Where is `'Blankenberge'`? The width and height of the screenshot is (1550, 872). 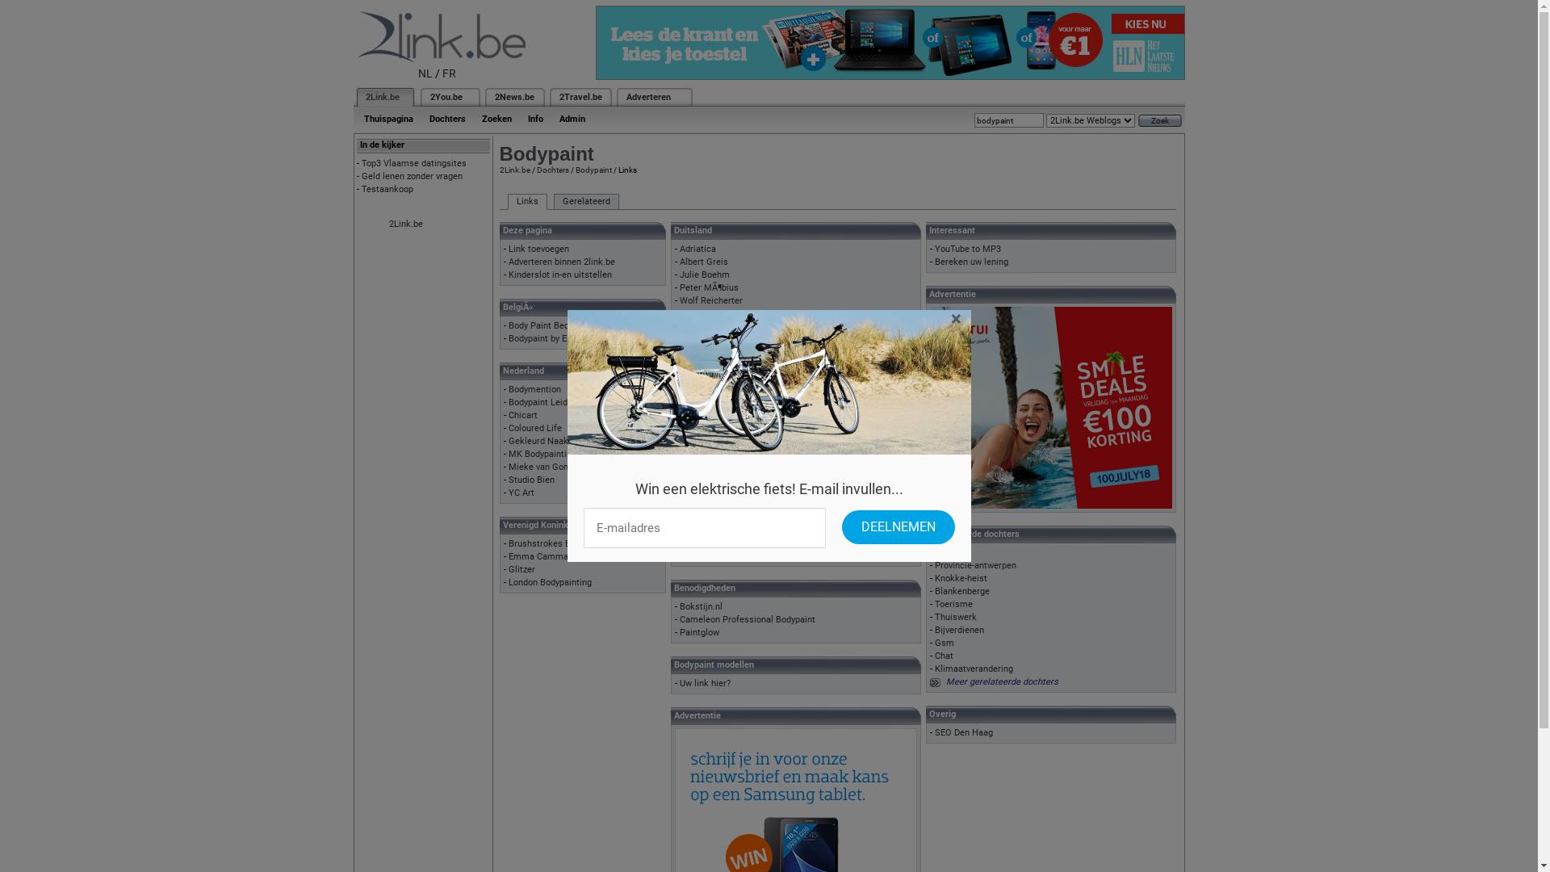
'Blankenberge' is located at coordinates (961, 591).